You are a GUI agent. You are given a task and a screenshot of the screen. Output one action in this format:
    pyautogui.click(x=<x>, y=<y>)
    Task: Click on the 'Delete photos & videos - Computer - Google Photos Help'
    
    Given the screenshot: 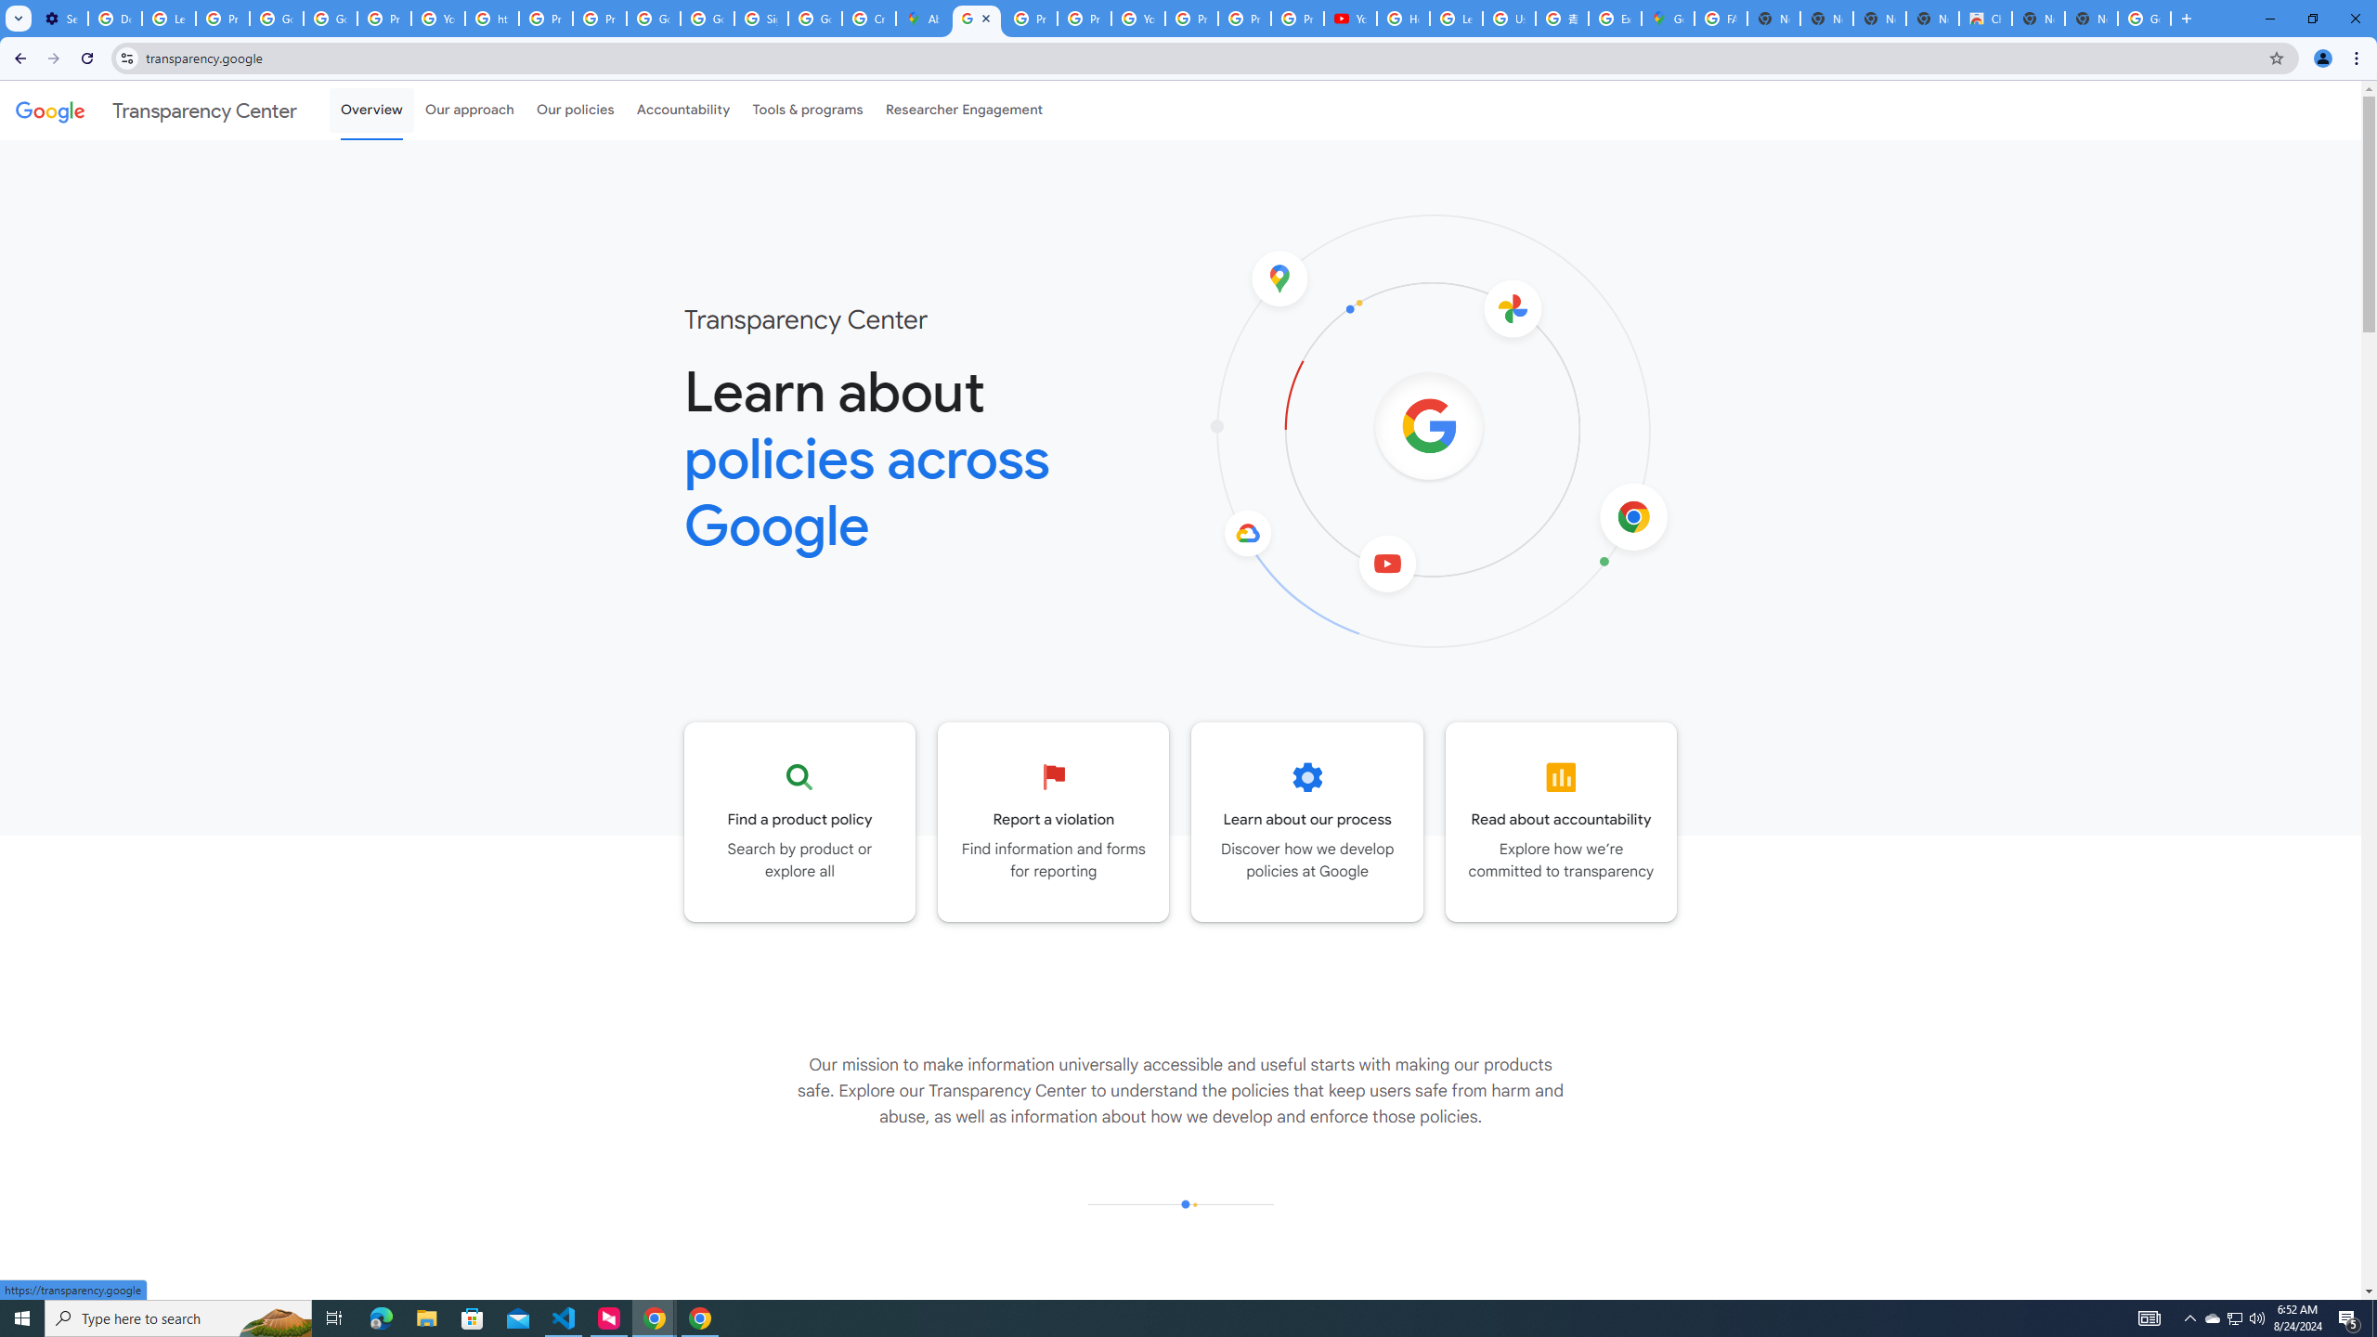 What is the action you would take?
    pyautogui.click(x=114, y=18)
    